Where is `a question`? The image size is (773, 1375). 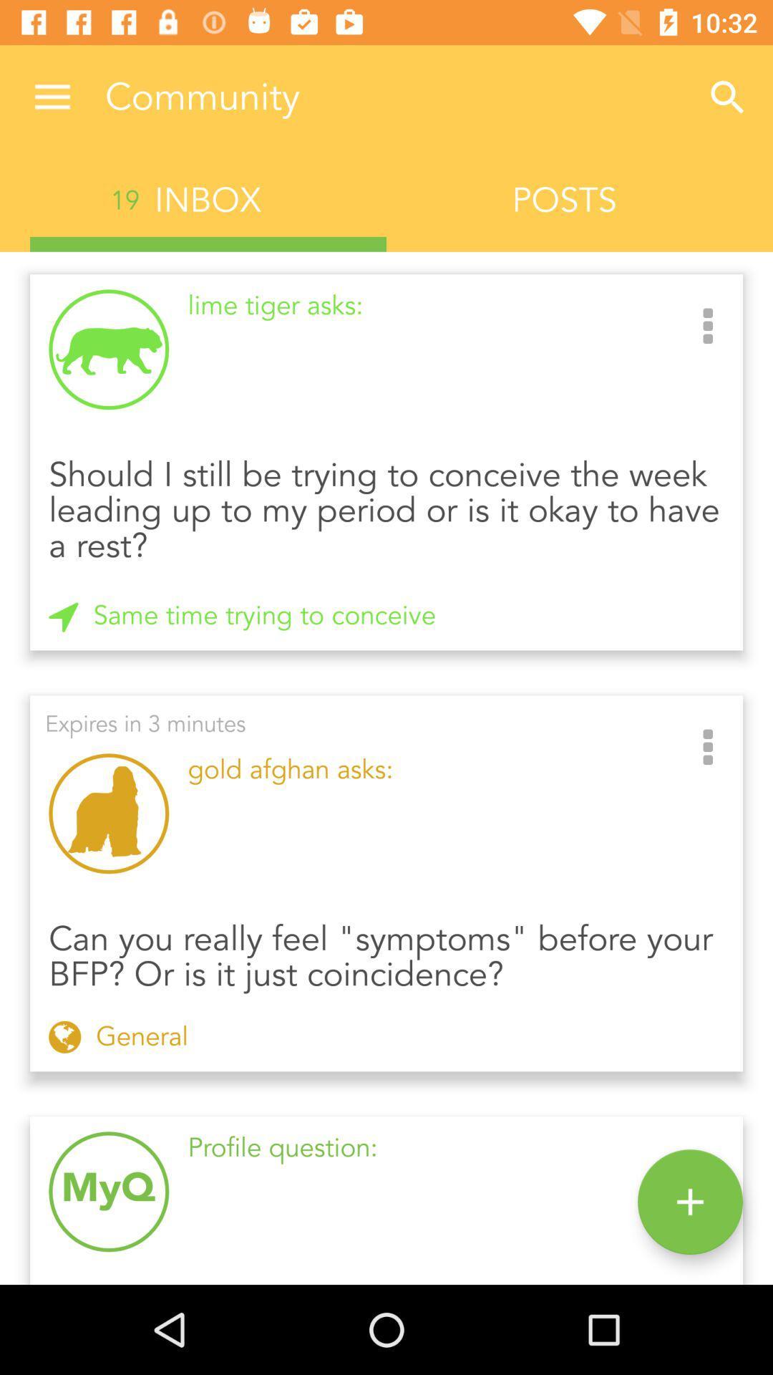
a question is located at coordinates (689, 1202).